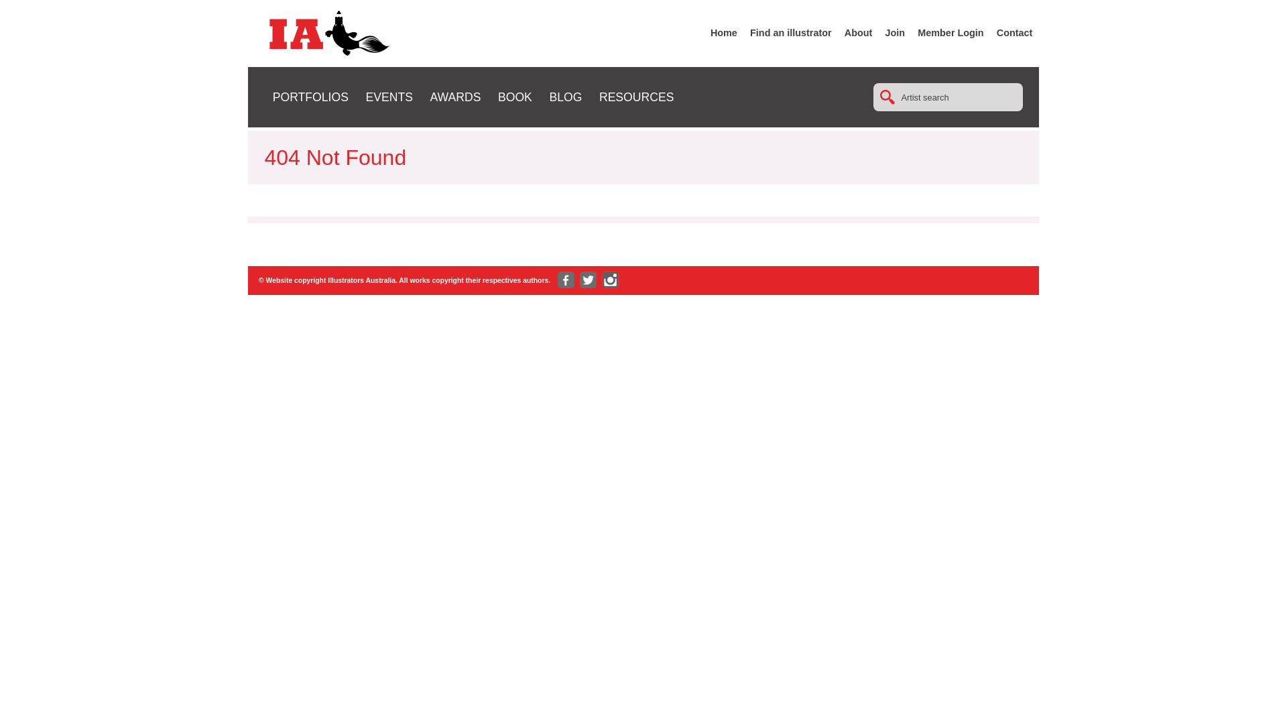  Describe the element at coordinates (723, 32) in the screenshot. I see `'Home'` at that location.